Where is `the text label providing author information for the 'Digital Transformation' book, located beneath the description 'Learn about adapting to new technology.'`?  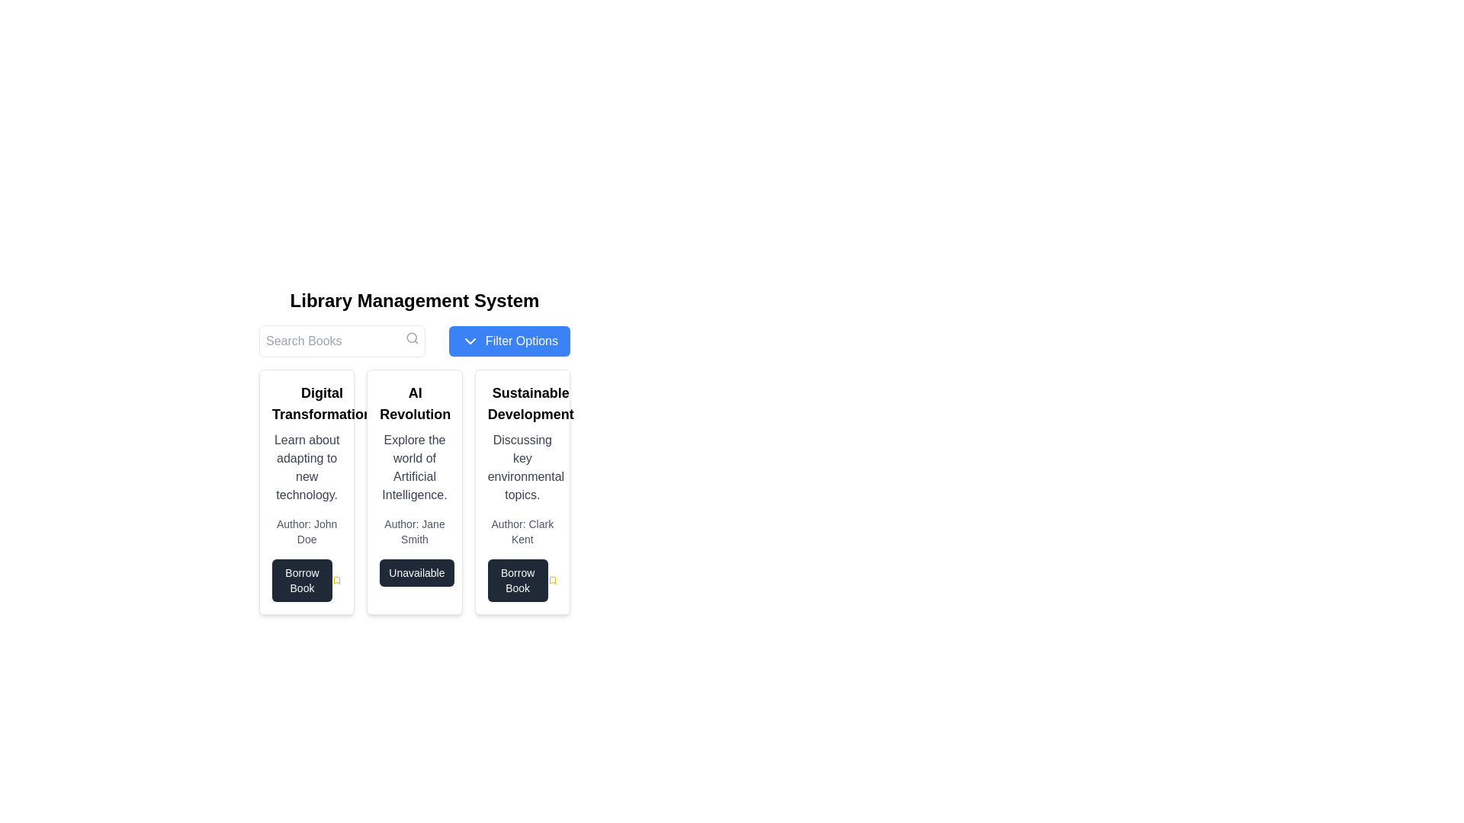 the text label providing author information for the 'Digital Transformation' book, located beneath the description 'Learn about adapting to new technology.' is located at coordinates (306, 531).